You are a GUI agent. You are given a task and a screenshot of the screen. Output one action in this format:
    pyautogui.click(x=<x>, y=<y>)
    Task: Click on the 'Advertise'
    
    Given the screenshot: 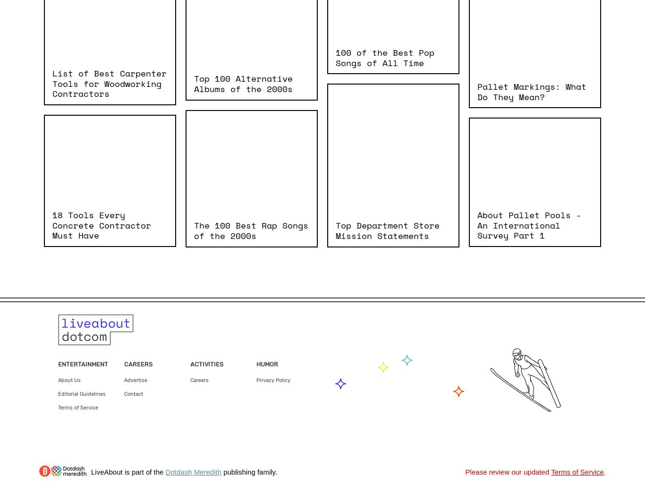 What is the action you would take?
    pyautogui.click(x=124, y=380)
    